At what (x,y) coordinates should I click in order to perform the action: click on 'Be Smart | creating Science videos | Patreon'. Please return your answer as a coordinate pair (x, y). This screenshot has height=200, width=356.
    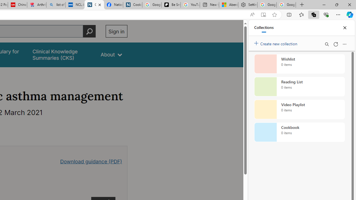
    Looking at the image, I should click on (171, 5).